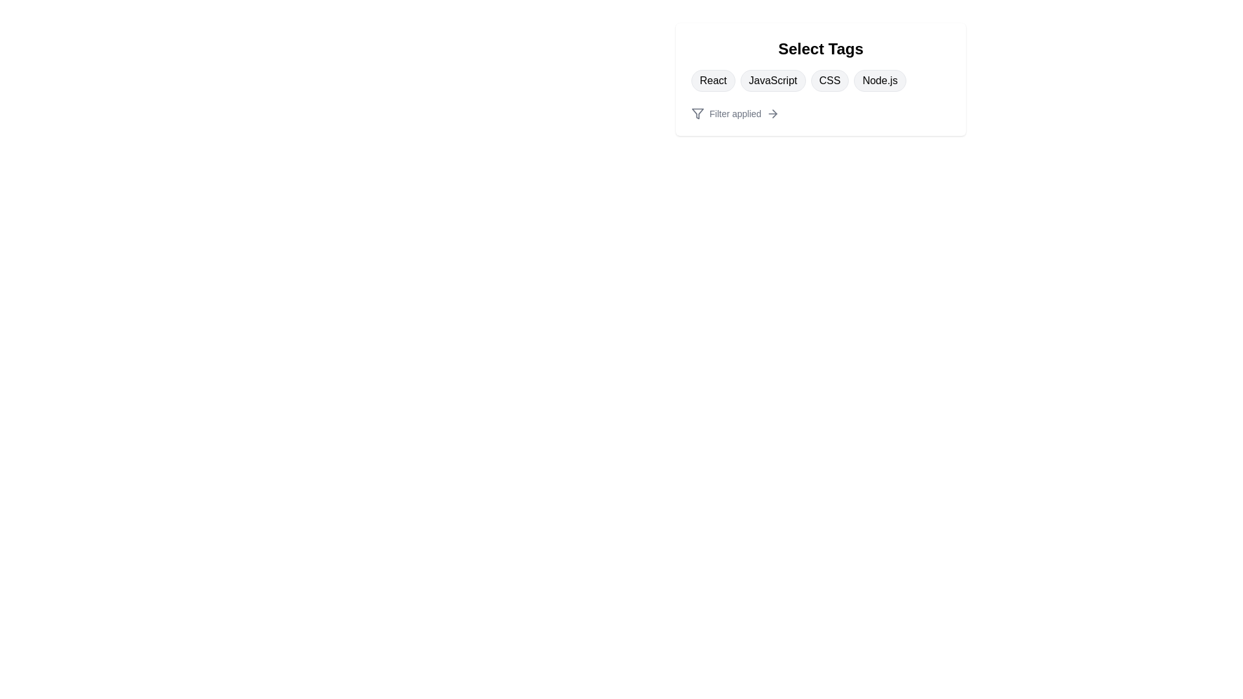 This screenshot has width=1243, height=699. What do you see at coordinates (773, 80) in the screenshot?
I see `the 'JavaScript' tag button, which is a pill-shaped button with a white background and black border, located below the 'Select Tags' heading` at bounding box center [773, 80].